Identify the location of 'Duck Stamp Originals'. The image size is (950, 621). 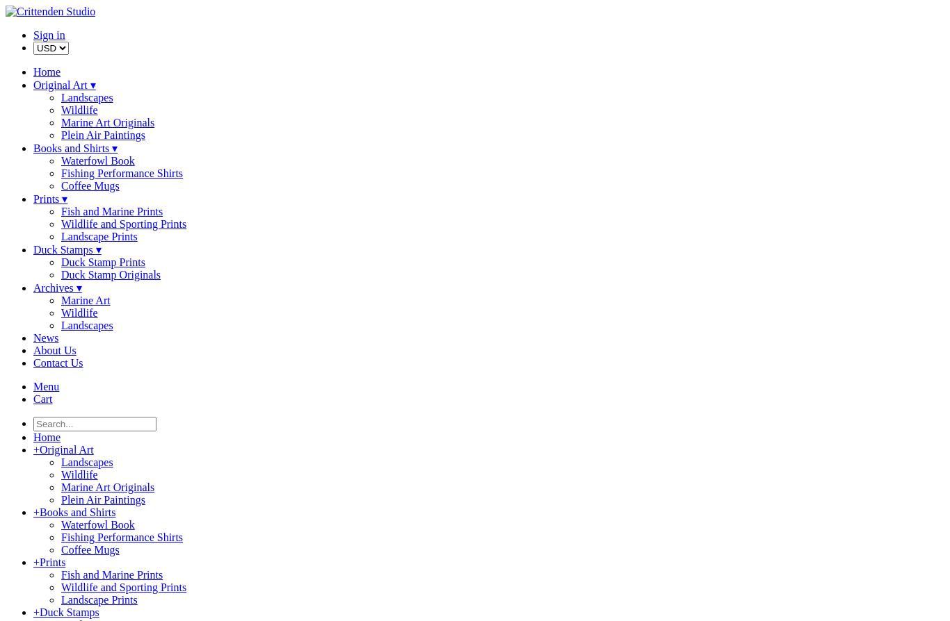
(110, 274).